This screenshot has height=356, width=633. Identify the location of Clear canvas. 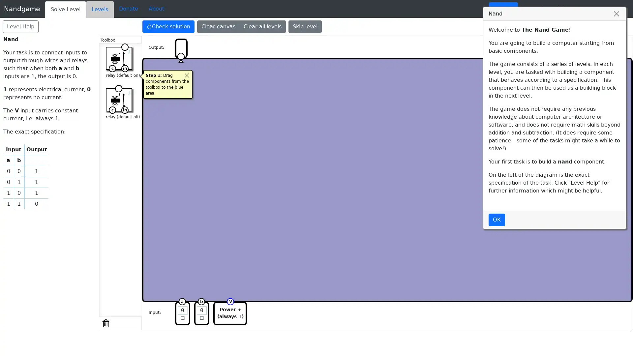
(218, 26).